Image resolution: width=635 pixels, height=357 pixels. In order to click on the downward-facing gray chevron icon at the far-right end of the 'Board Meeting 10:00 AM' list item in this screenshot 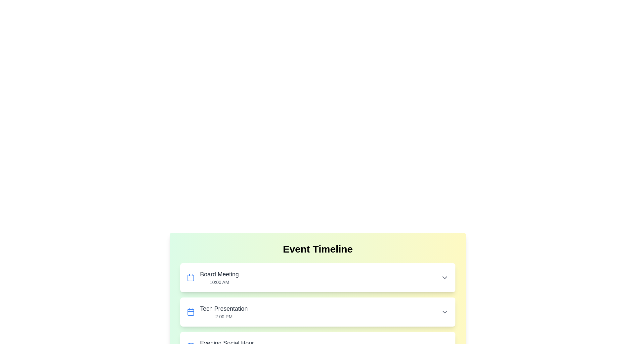, I will do `click(444, 278)`.